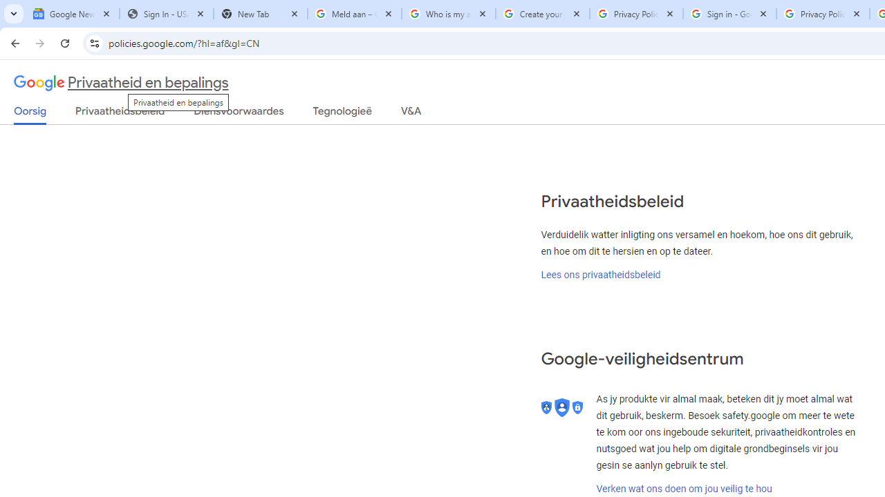 This screenshot has height=497, width=885. Describe the element at coordinates (601, 274) in the screenshot. I see `'Lees ons privaatheidsbeleid'` at that location.